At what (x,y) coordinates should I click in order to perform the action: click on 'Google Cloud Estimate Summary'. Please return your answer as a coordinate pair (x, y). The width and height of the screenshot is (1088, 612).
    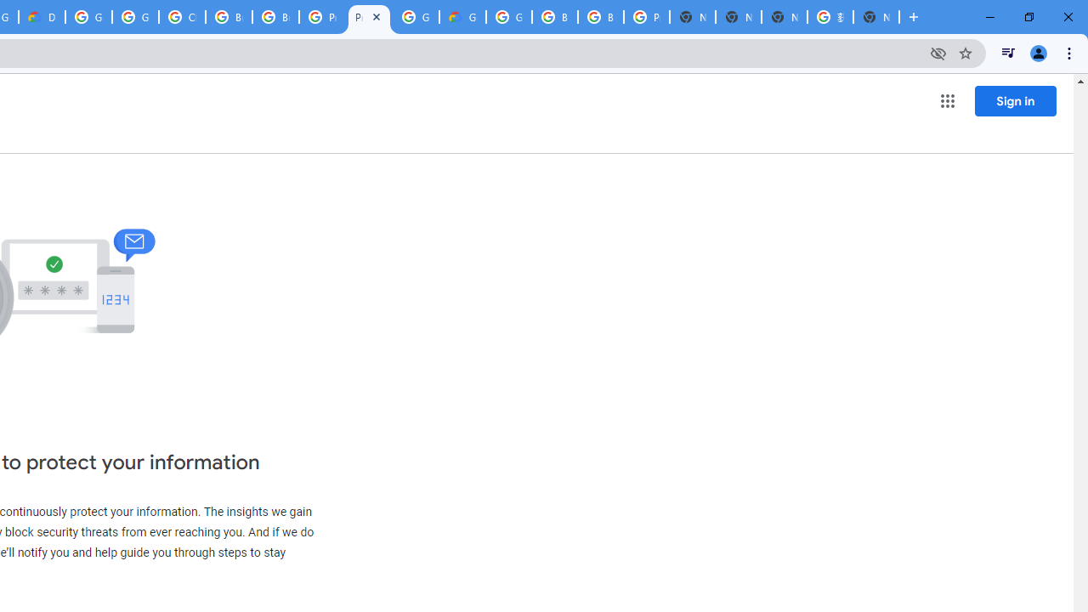
    Looking at the image, I should click on (462, 17).